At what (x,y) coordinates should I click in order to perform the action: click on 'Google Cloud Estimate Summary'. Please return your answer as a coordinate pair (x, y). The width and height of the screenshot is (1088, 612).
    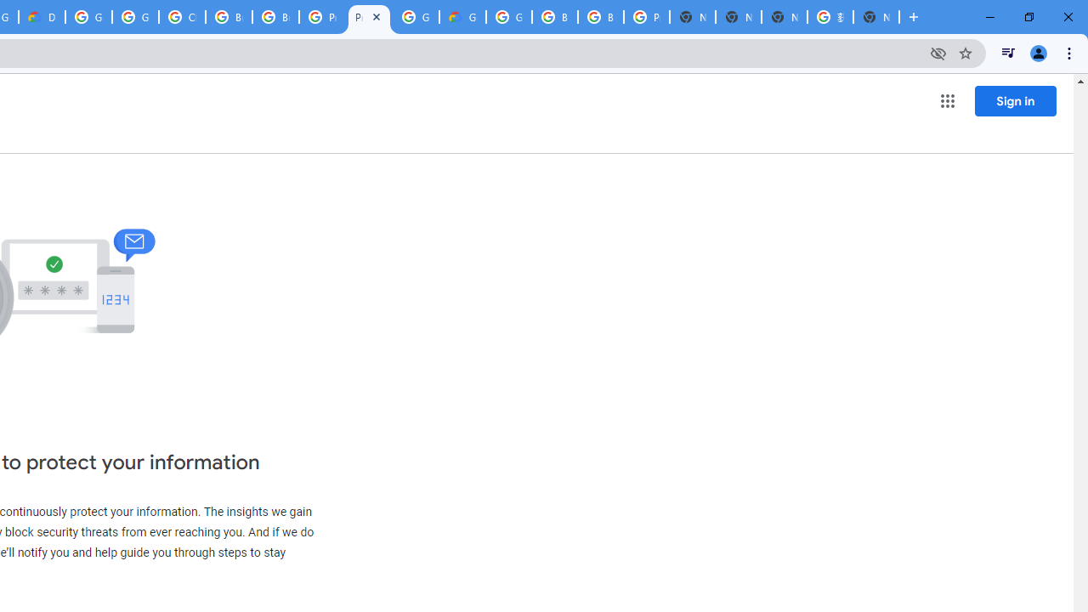
    Looking at the image, I should click on (462, 17).